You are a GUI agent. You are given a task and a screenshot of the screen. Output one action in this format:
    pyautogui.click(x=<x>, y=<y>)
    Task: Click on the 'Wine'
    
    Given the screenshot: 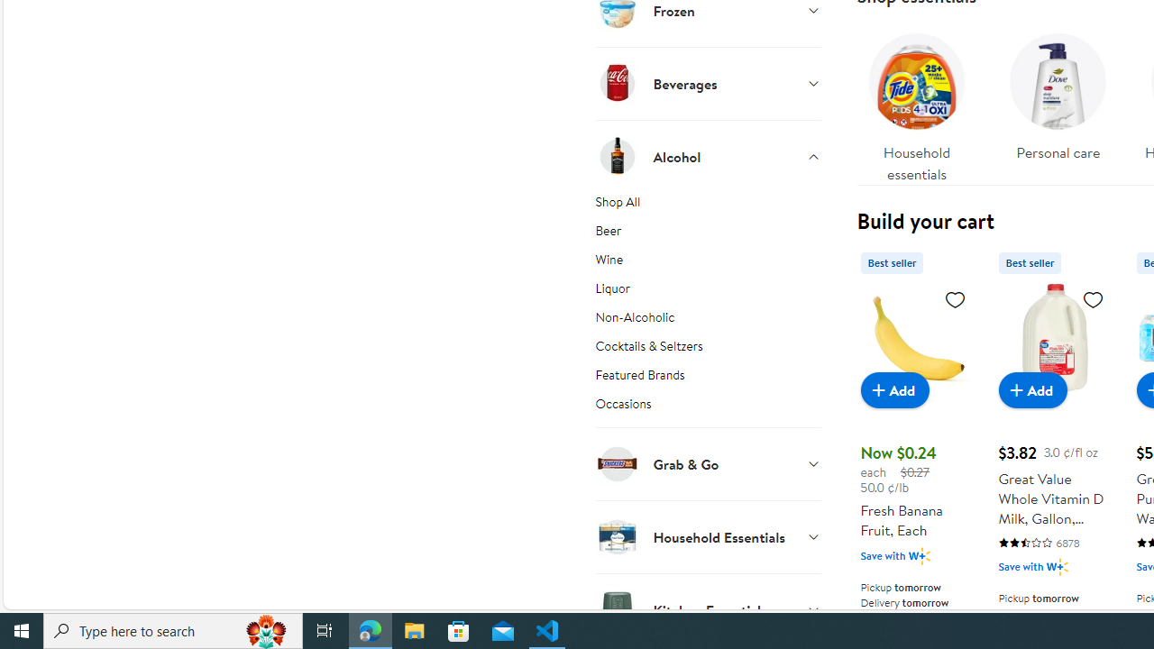 What is the action you would take?
    pyautogui.click(x=707, y=262)
    